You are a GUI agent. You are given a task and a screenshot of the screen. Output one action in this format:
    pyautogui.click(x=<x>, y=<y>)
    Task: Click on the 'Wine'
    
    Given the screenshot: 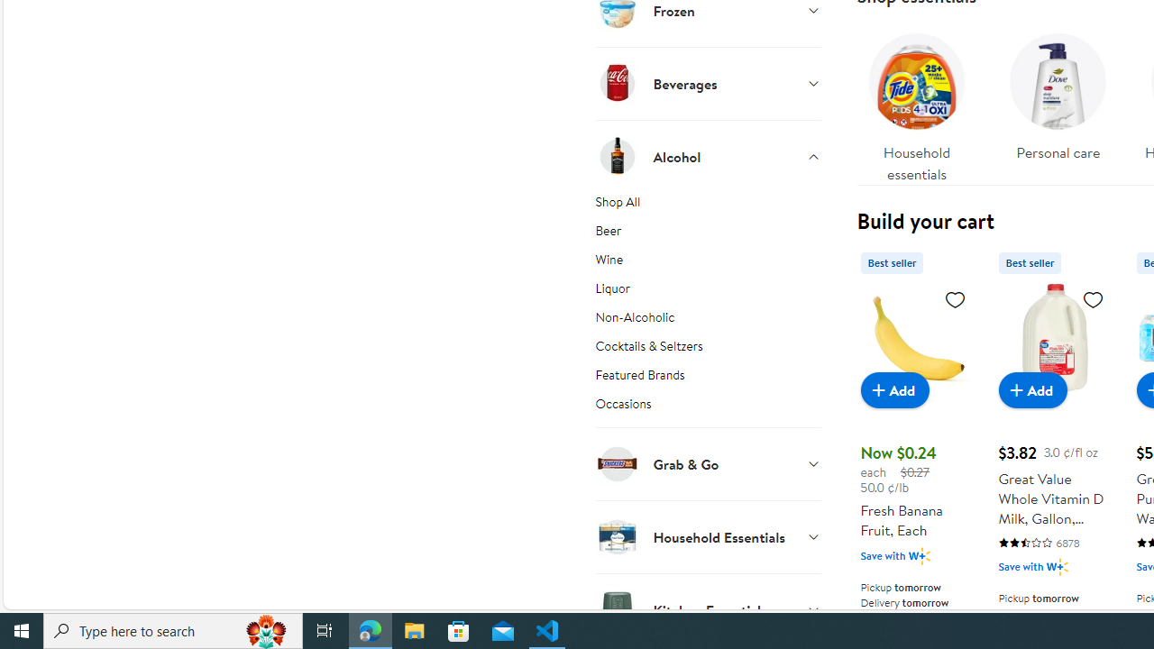 What is the action you would take?
    pyautogui.click(x=707, y=262)
    